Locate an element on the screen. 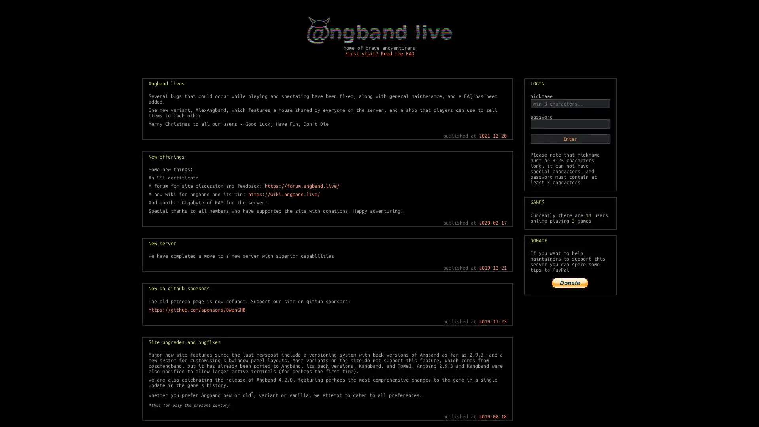  PayPal  The safer, easier way to pay online! is located at coordinates (570, 282).